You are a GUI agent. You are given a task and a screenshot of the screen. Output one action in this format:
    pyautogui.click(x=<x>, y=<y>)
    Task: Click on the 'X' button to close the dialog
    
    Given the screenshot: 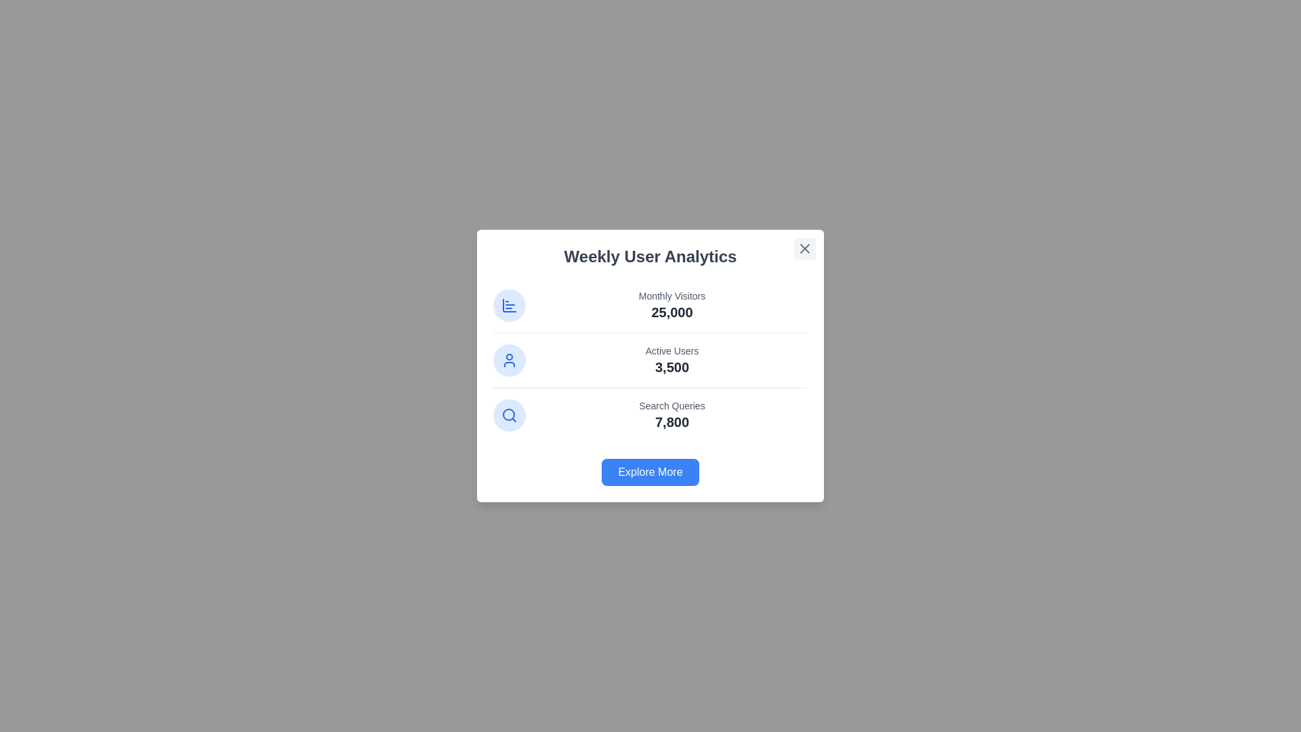 What is the action you would take?
    pyautogui.click(x=805, y=248)
    